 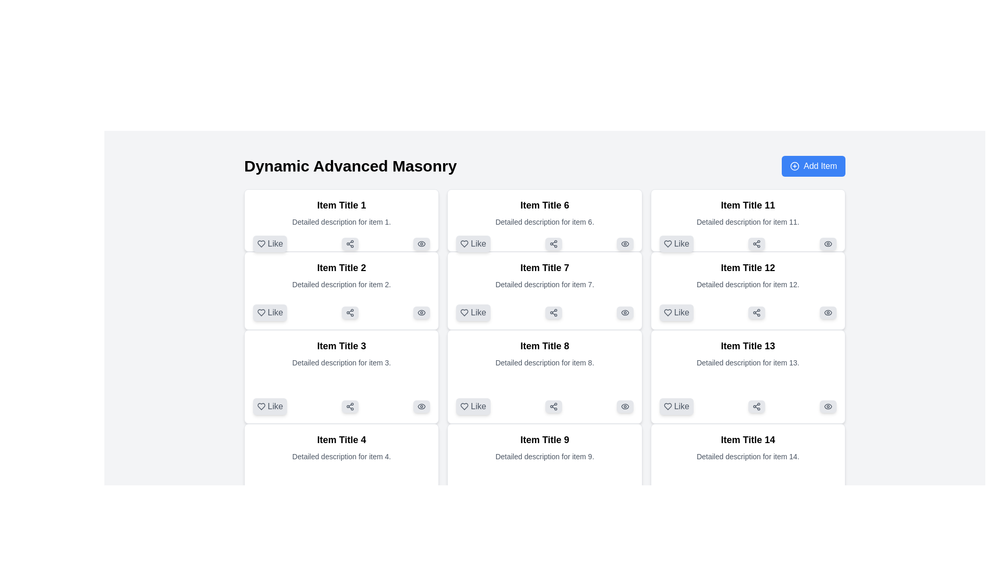 What do you see at coordinates (625, 312) in the screenshot?
I see `the visibility icon located at the top-right corner of the card labeled 'Item Title 7'` at bounding box center [625, 312].